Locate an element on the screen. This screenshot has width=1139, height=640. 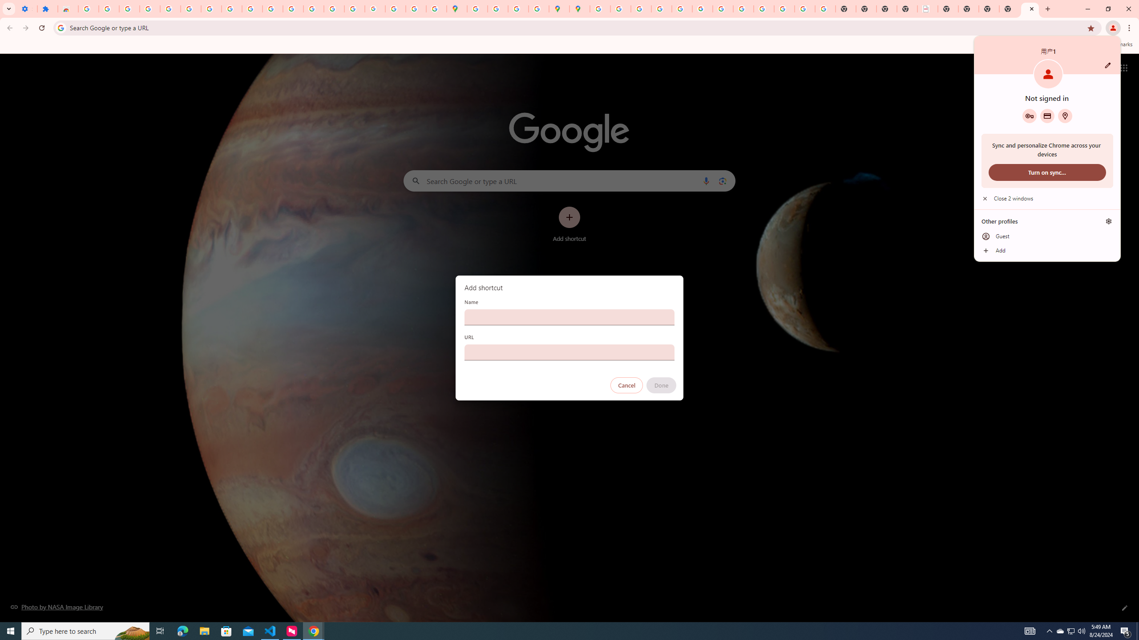
'Manage profiles' is located at coordinates (1108, 221).